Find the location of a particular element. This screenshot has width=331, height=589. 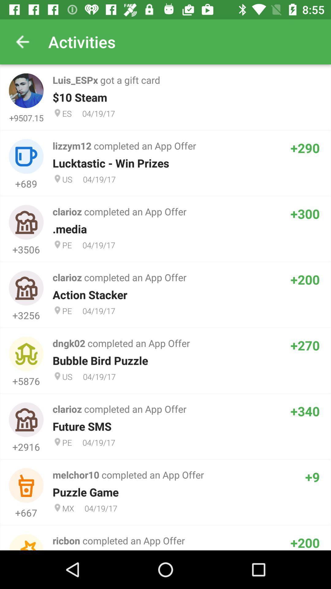

second location icon is located at coordinates (57, 178).